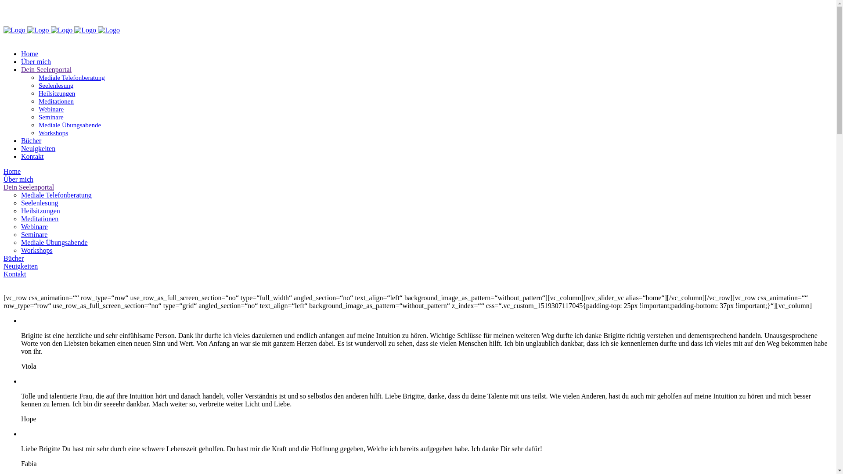  I want to click on 'Heilsitzungen', so click(21, 211).